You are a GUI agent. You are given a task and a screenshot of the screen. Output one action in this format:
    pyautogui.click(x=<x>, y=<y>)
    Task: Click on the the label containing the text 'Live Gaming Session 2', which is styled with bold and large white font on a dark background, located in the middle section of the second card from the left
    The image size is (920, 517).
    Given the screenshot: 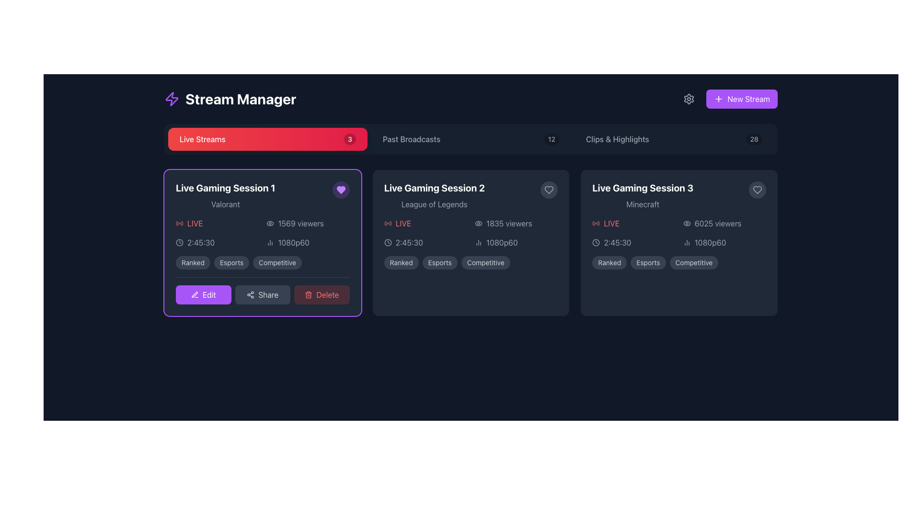 What is the action you would take?
    pyautogui.click(x=434, y=188)
    